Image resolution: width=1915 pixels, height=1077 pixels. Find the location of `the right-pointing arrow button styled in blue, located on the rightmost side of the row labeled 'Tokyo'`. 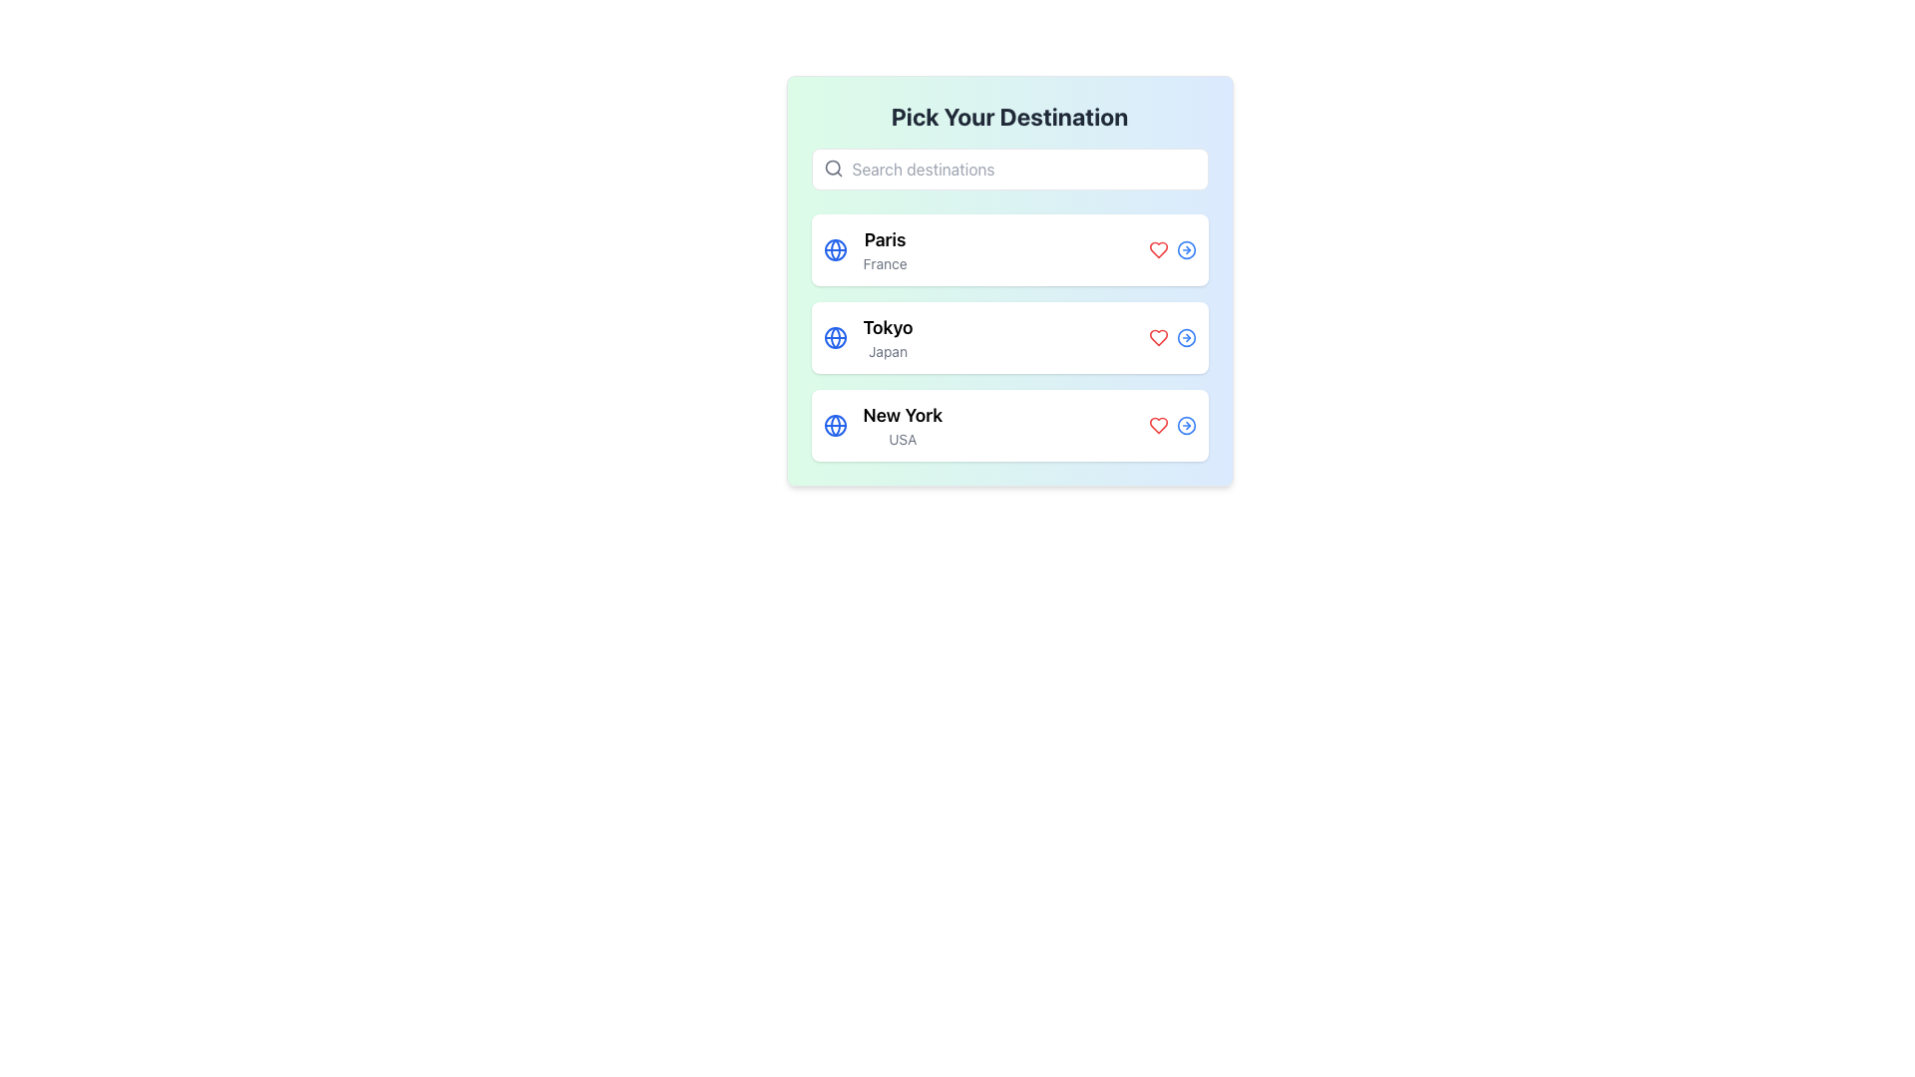

the right-pointing arrow button styled in blue, located on the rightmost side of the row labeled 'Tokyo' is located at coordinates (1186, 337).